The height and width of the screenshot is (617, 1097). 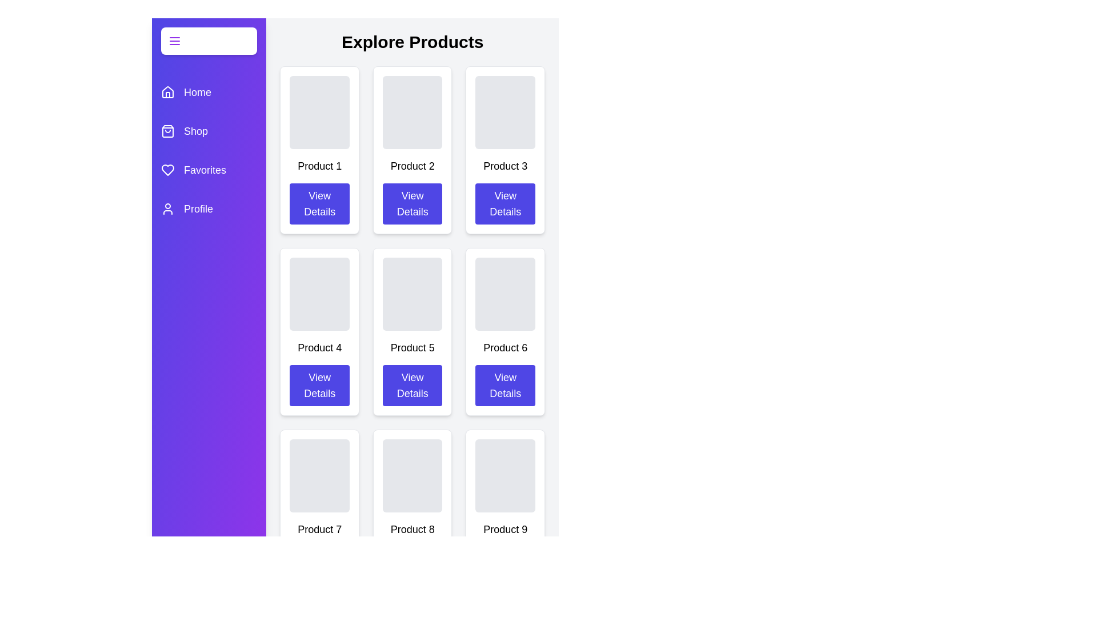 What do you see at coordinates (209, 170) in the screenshot?
I see `the category Favorites in the drawer to highlight it` at bounding box center [209, 170].